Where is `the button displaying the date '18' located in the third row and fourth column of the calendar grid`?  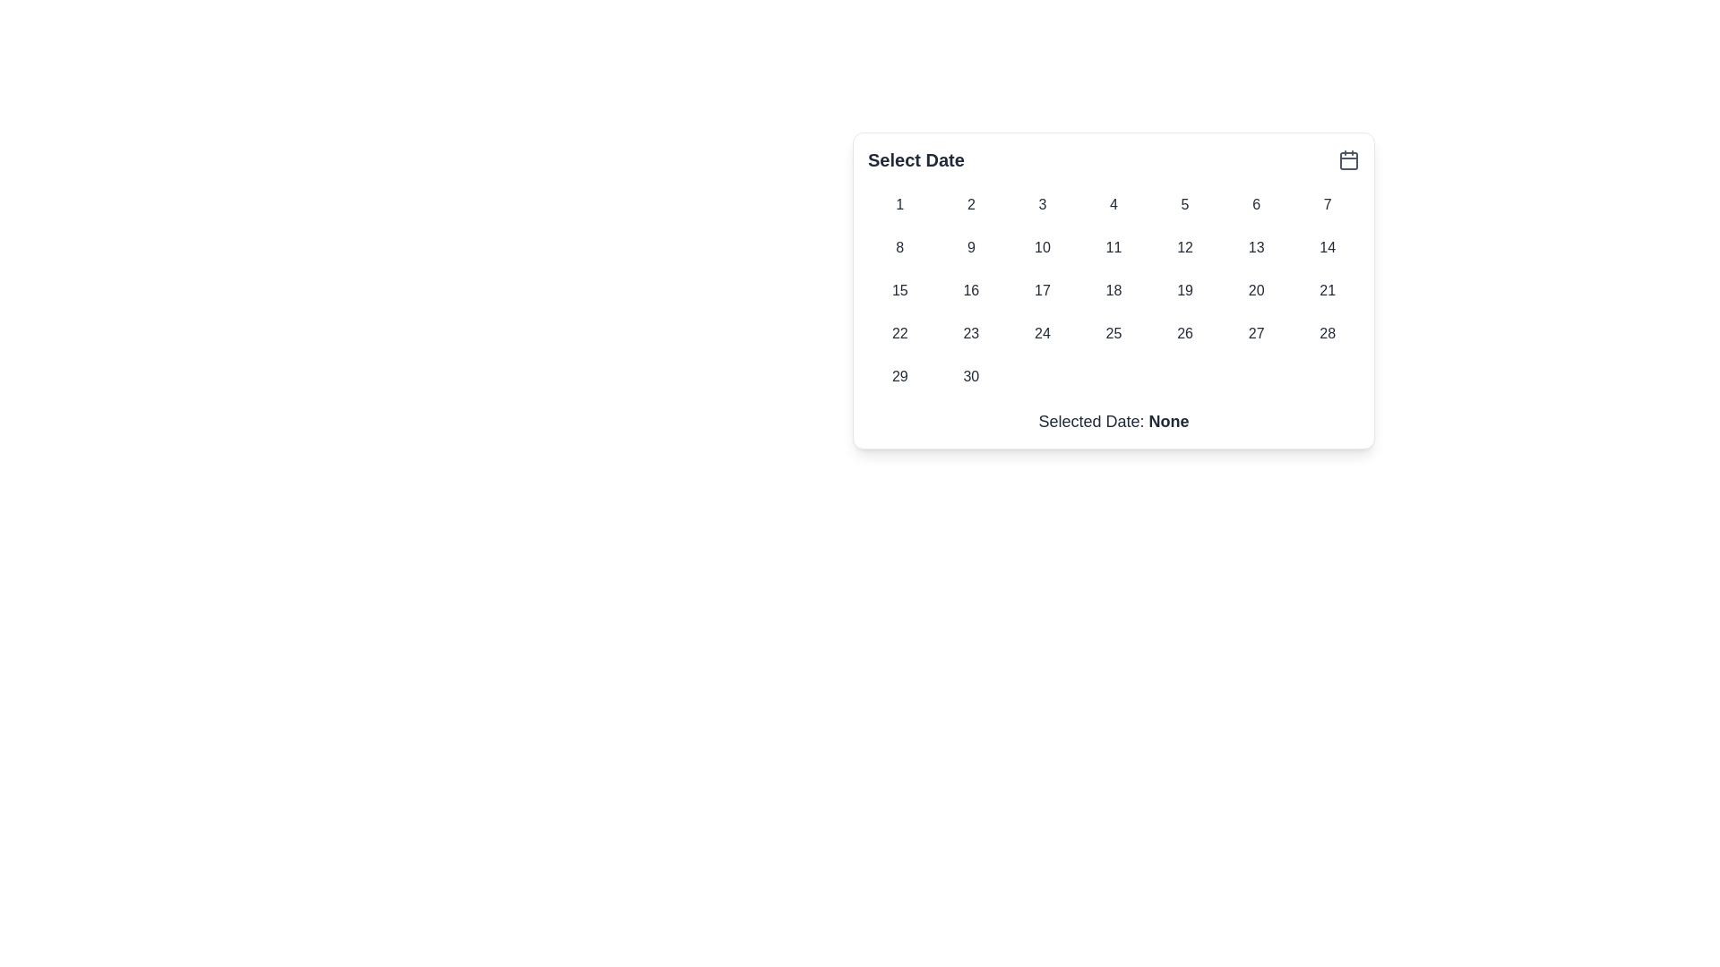
the button displaying the date '18' located in the third row and fourth column of the calendar grid is located at coordinates (1113, 289).